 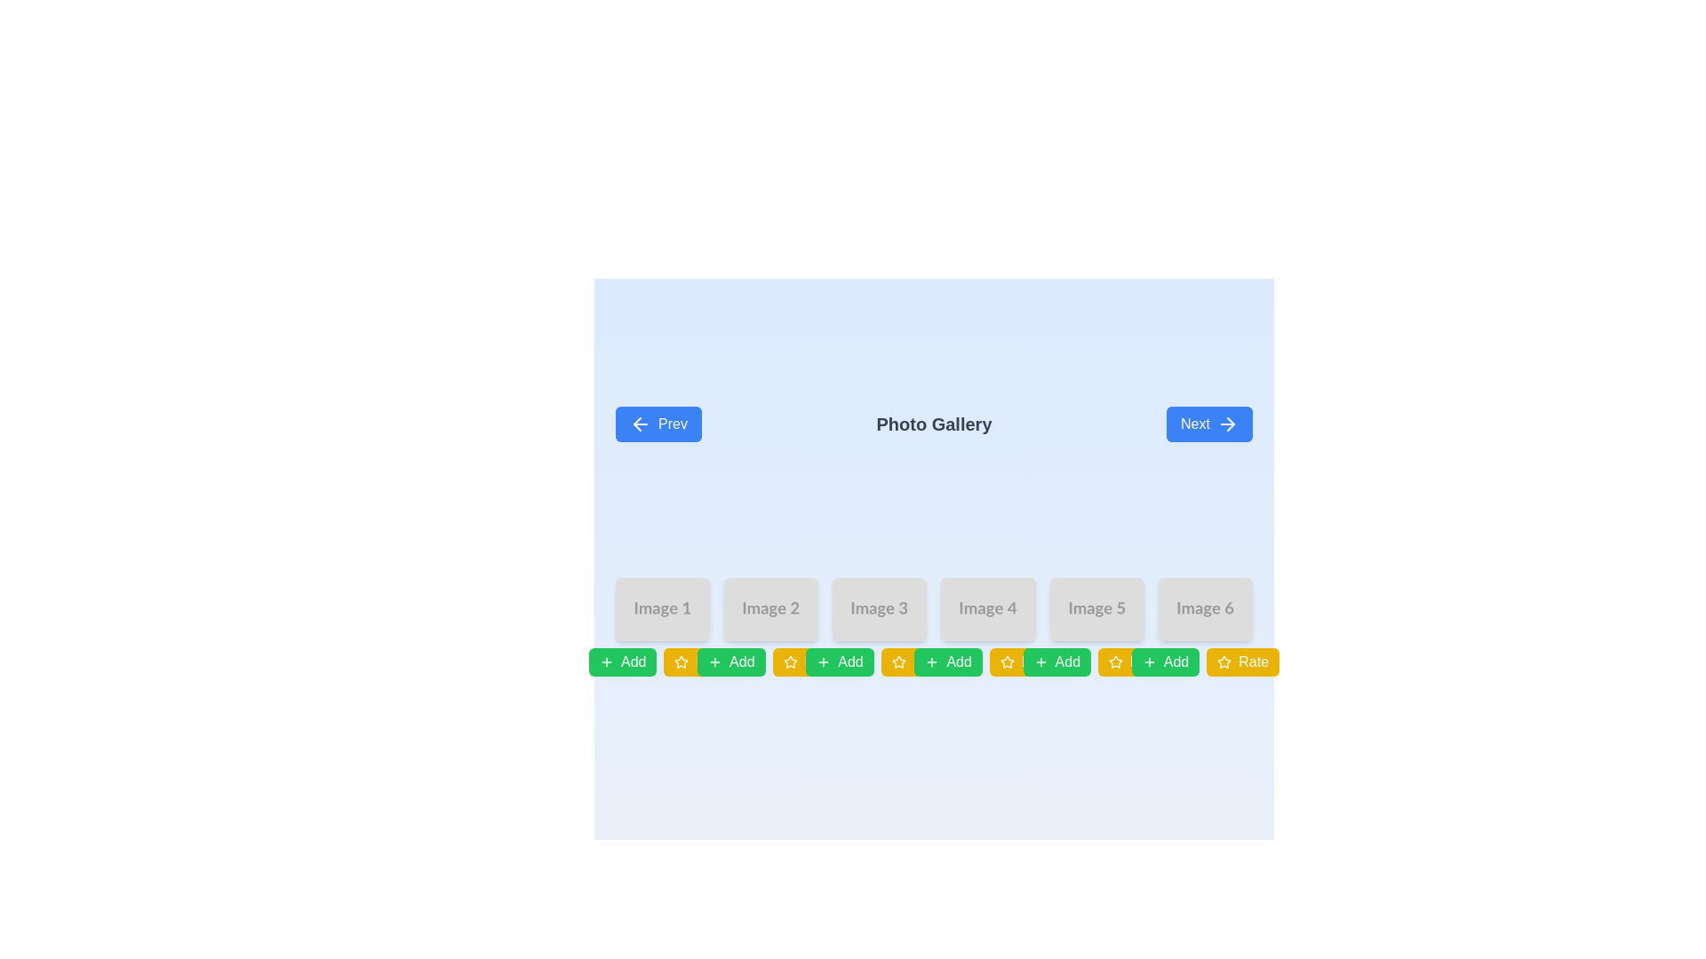 What do you see at coordinates (808, 662) in the screenshot?
I see `the yellow button labeled 'Rate' with a white star icon` at bounding box center [808, 662].